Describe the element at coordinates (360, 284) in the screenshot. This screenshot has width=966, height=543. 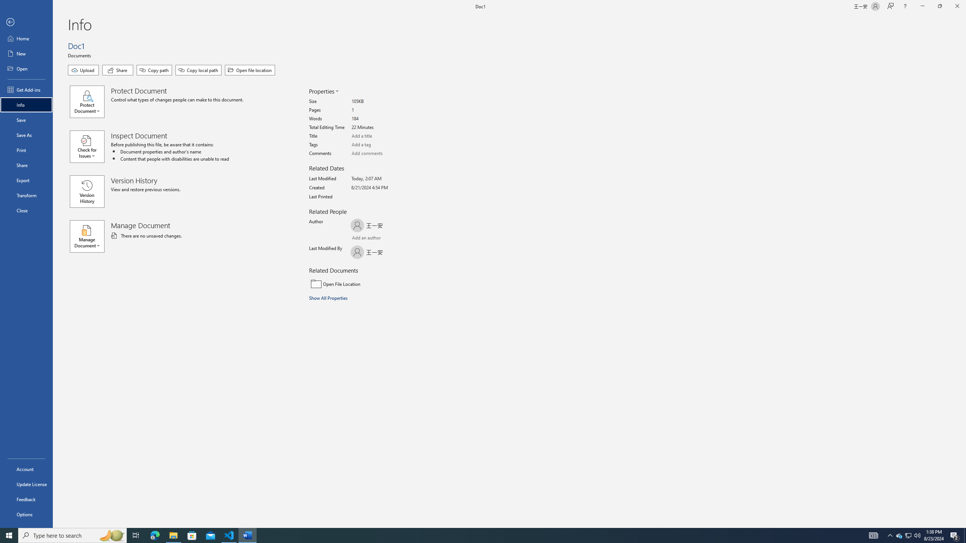
I see `'Open File Location'` at that location.